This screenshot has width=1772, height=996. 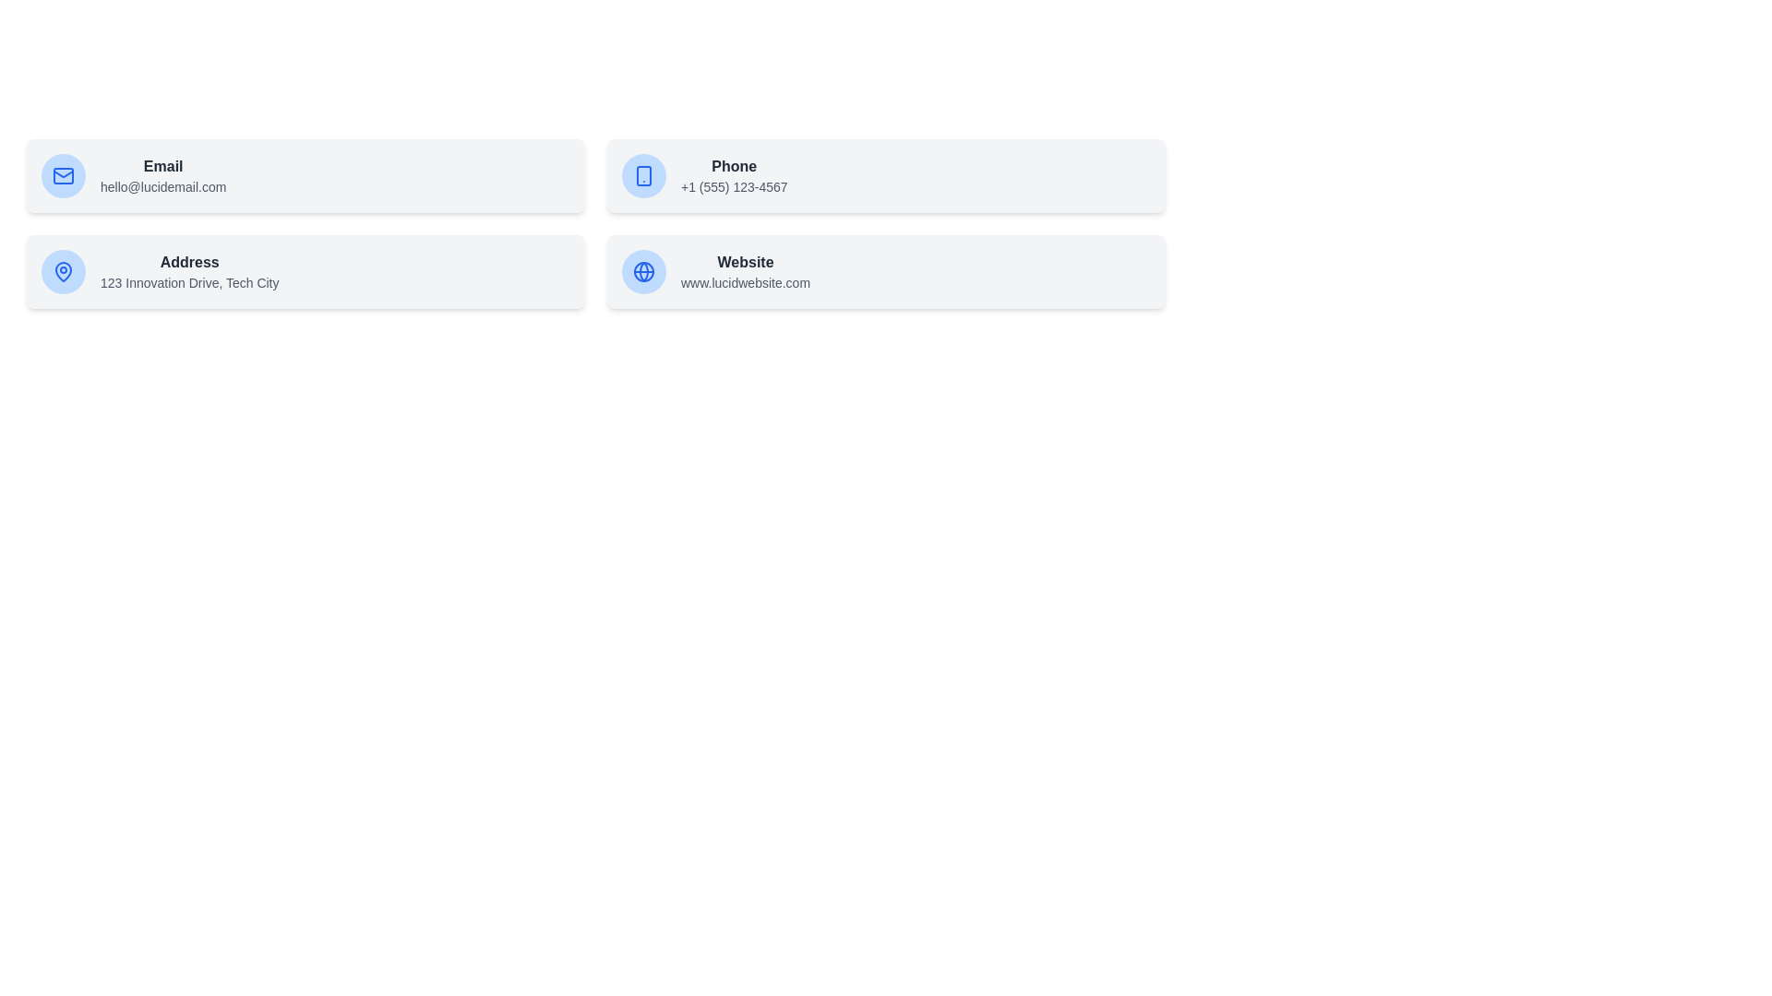 What do you see at coordinates (305, 271) in the screenshot?
I see `the Information display panel that shows the address '123 Innovation Drive, Tech City' for accessibility` at bounding box center [305, 271].